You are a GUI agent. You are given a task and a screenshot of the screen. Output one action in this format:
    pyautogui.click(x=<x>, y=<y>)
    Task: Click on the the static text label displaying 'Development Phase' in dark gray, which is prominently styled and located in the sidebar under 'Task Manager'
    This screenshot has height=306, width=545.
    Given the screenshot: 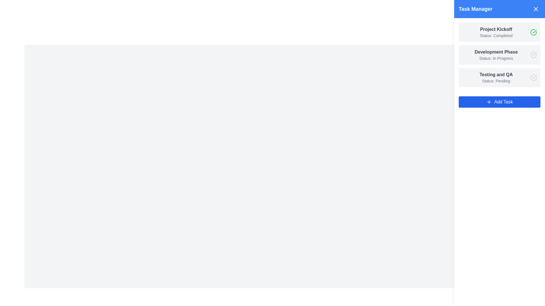 What is the action you would take?
    pyautogui.click(x=496, y=52)
    